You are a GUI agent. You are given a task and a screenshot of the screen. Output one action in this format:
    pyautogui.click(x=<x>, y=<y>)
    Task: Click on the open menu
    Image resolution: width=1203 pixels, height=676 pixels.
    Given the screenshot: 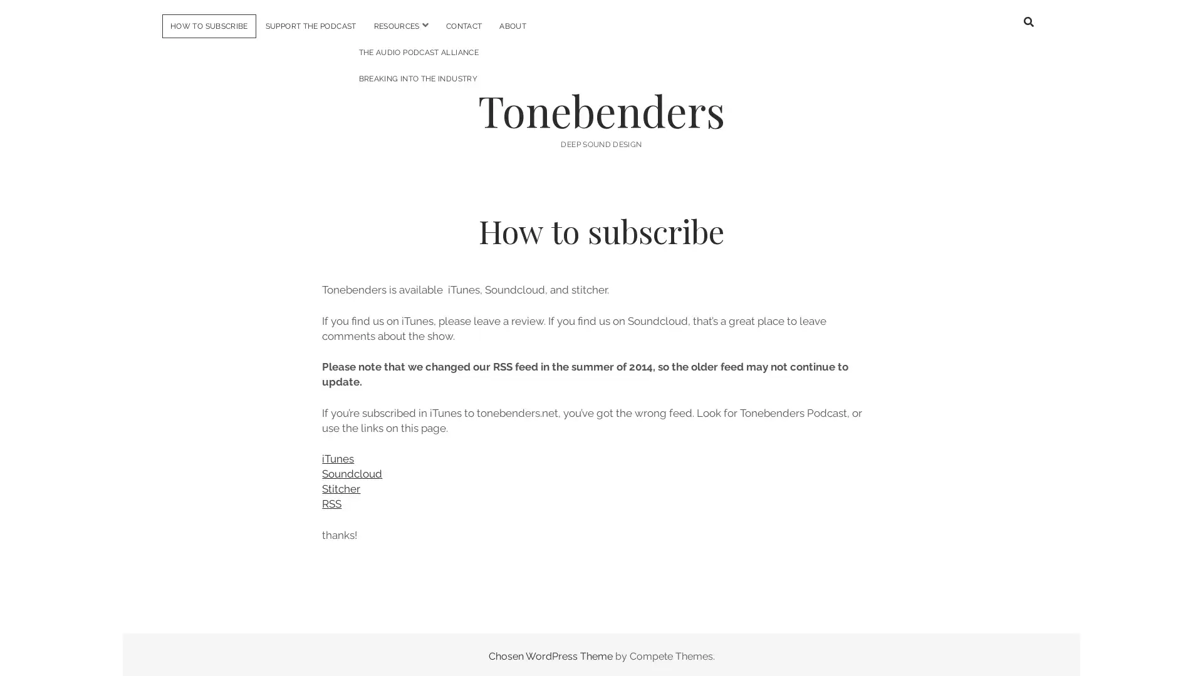 What is the action you would take?
    pyautogui.click(x=424, y=25)
    